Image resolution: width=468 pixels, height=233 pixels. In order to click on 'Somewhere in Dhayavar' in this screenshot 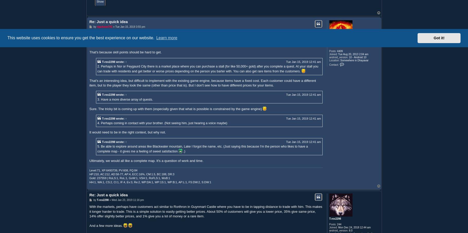, I will do `click(339, 60)`.